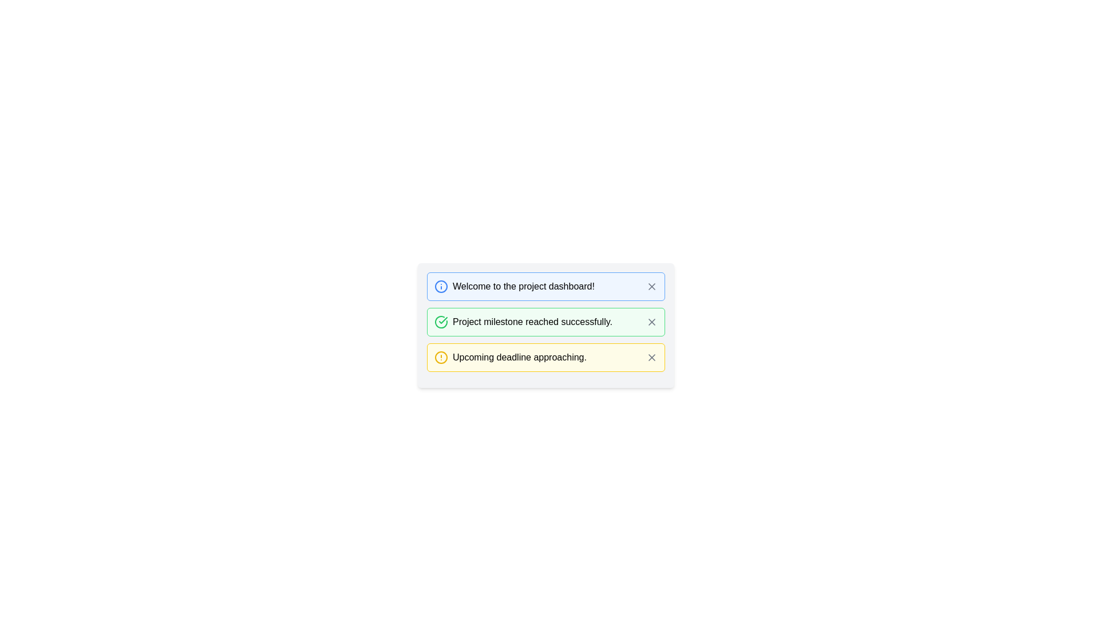  Describe the element at coordinates (441, 356) in the screenshot. I see `the warning icon that indicates an alert related to the text 'Upcoming deadline approaching', which is positioned on the left side of the text` at that location.